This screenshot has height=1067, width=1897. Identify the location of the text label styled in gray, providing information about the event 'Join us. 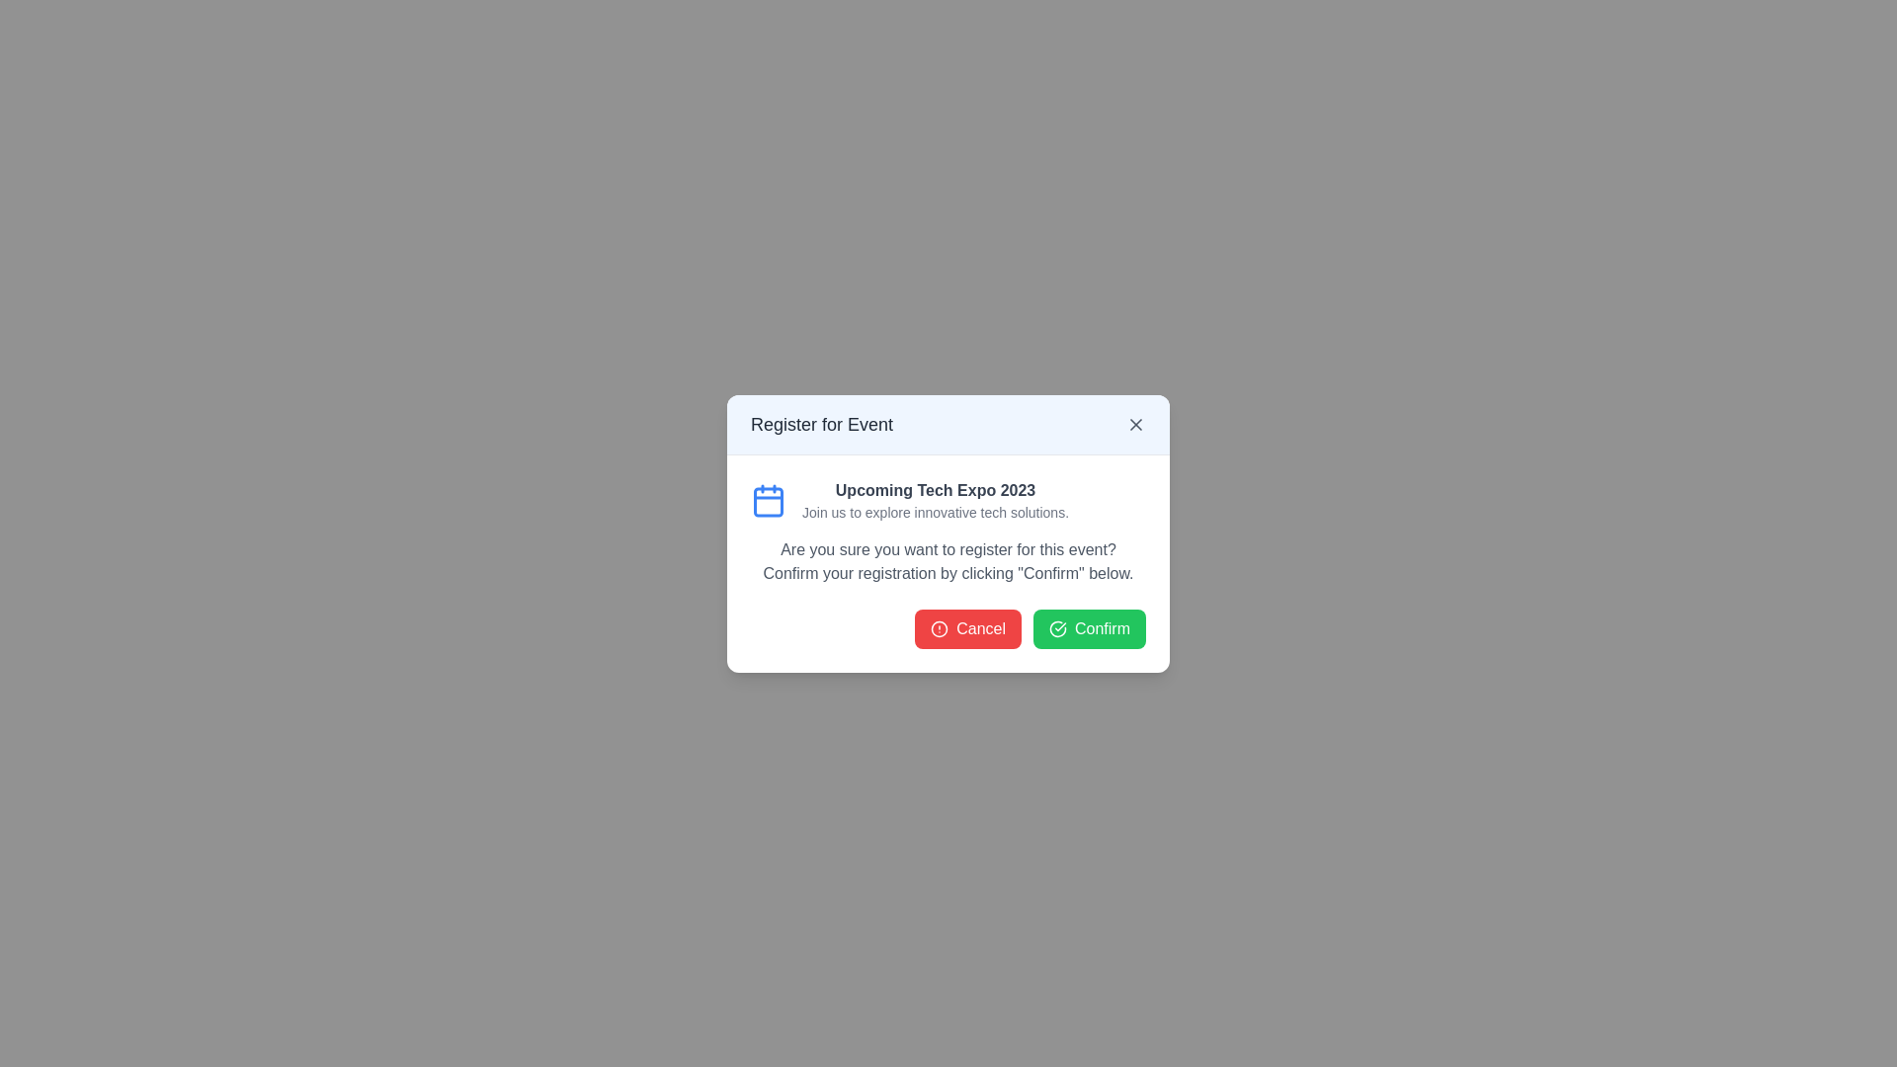
(934, 511).